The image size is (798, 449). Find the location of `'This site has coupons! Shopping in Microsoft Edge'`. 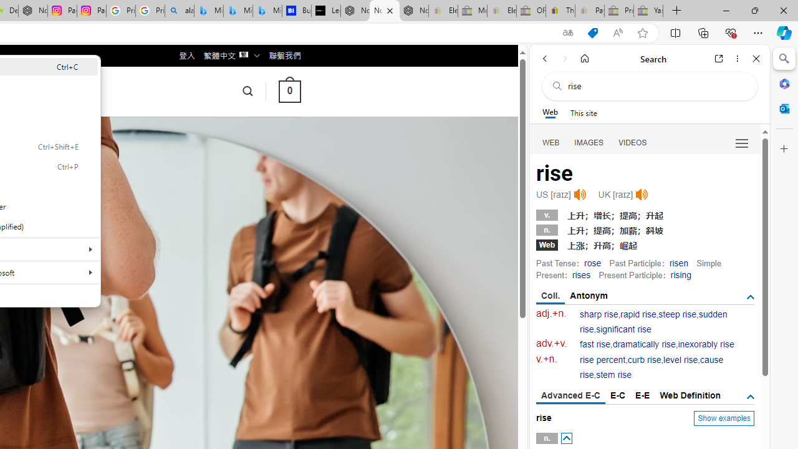

'This site has coupons! Shopping in Microsoft Edge' is located at coordinates (592, 32).